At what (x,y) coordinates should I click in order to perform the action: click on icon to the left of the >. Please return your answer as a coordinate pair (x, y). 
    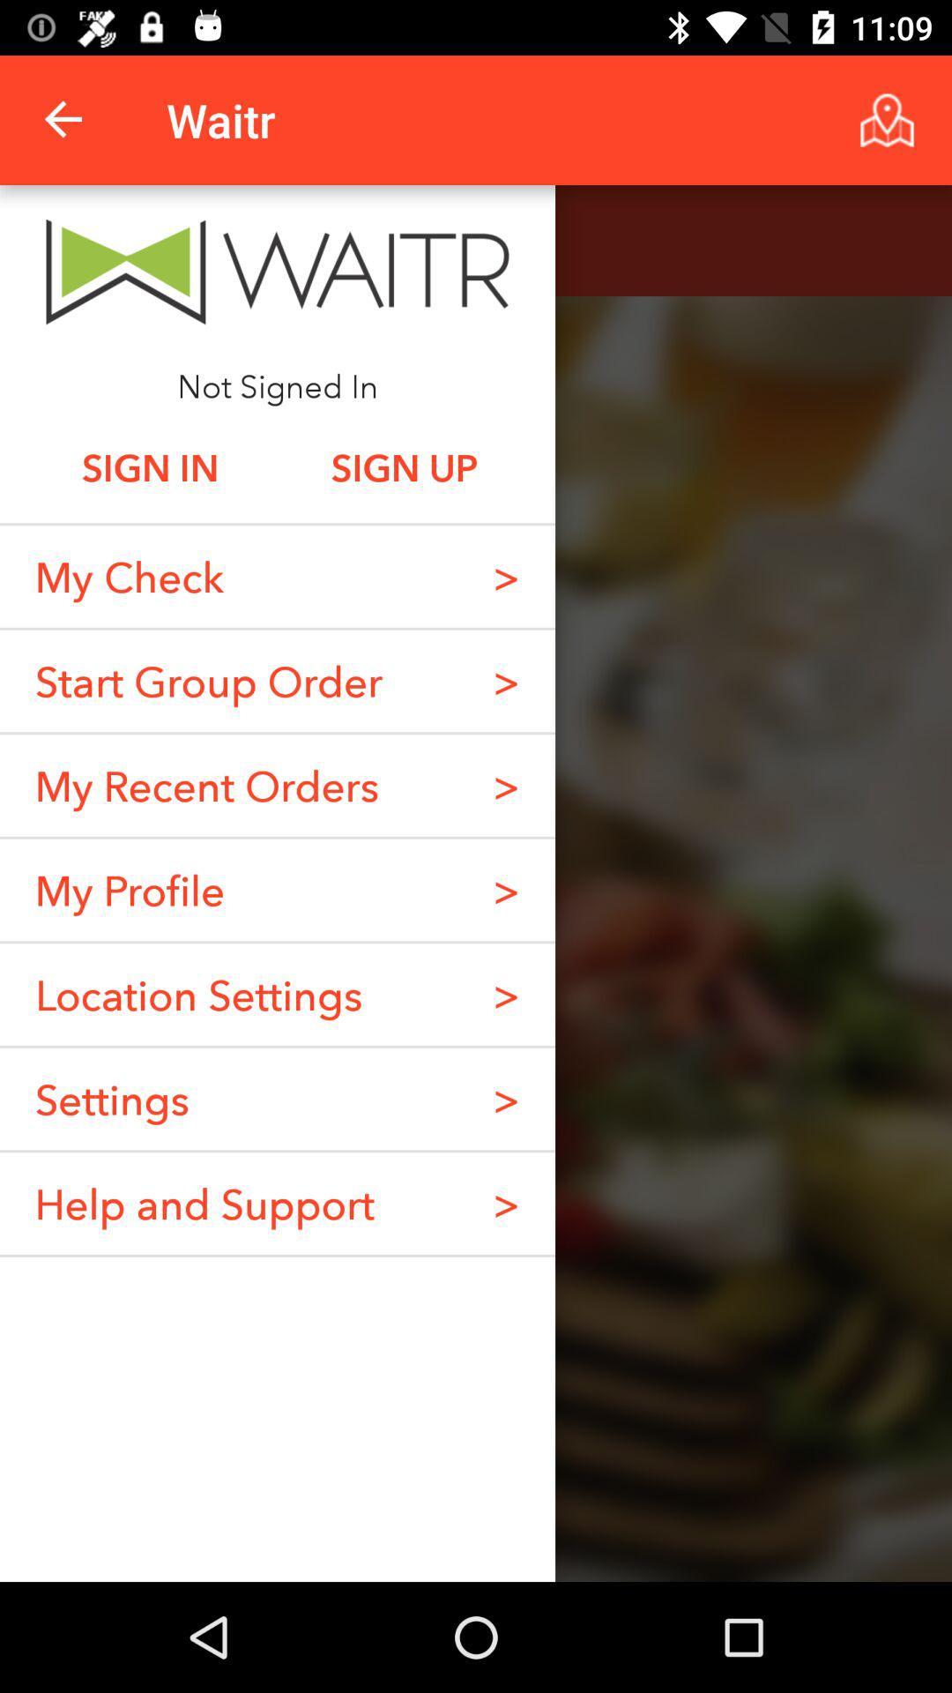
    Looking at the image, I should click on (207, 680).